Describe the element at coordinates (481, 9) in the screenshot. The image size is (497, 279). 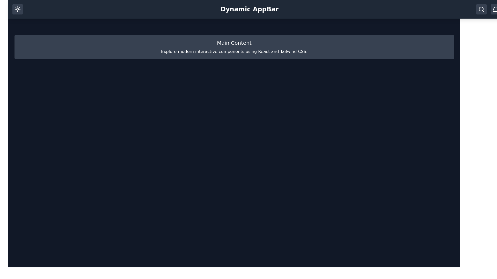
I see `the 'Search' icon button in the app bar` at that location.